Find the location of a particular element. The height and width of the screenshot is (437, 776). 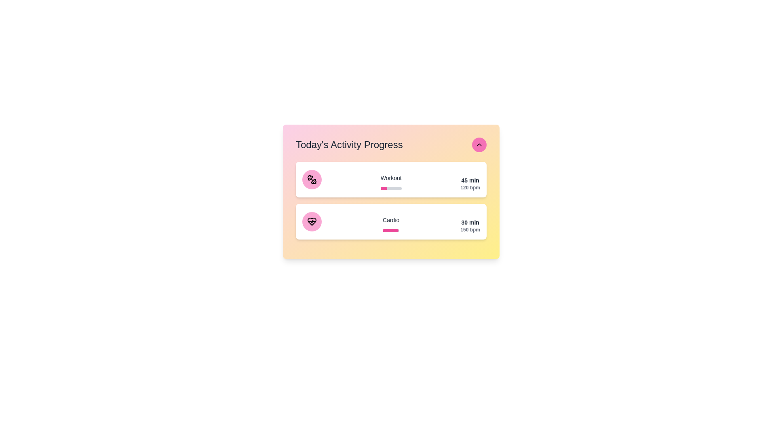

the text label displaying '120 bpm', which is located below '45 min' within the 'Workout' section of the workout activity summary is located at coordinates (470, 187).